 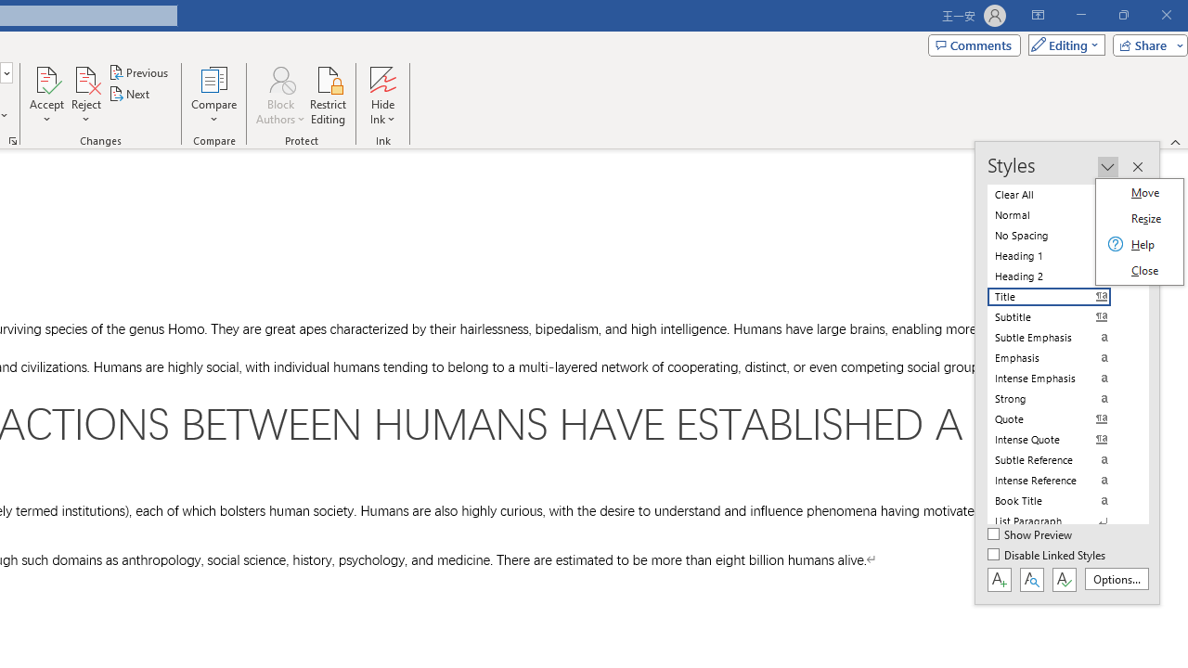 I want to click on 'Emphasis', so click(x=1060, y=357).